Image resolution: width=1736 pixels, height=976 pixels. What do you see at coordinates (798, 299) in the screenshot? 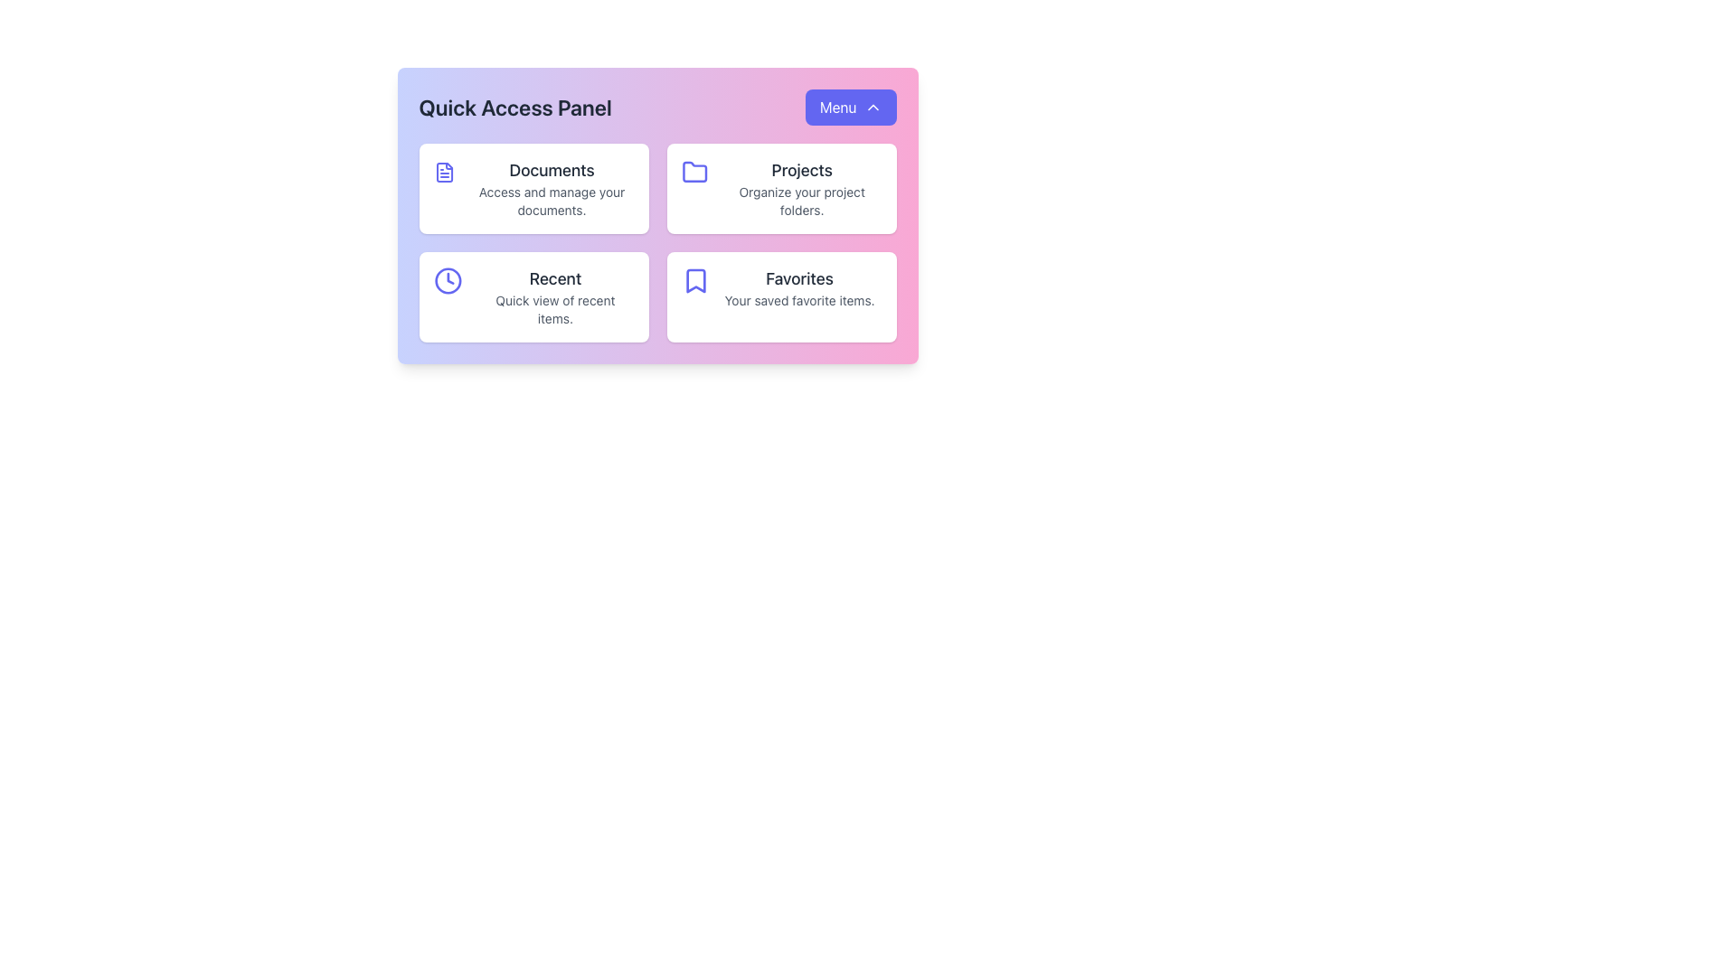
I see `the text label that reads 'Your saved favorite items.' located below the 'Favorites' header in the bottom right quadrant of the interface panel` at bounding box center [798, 299].